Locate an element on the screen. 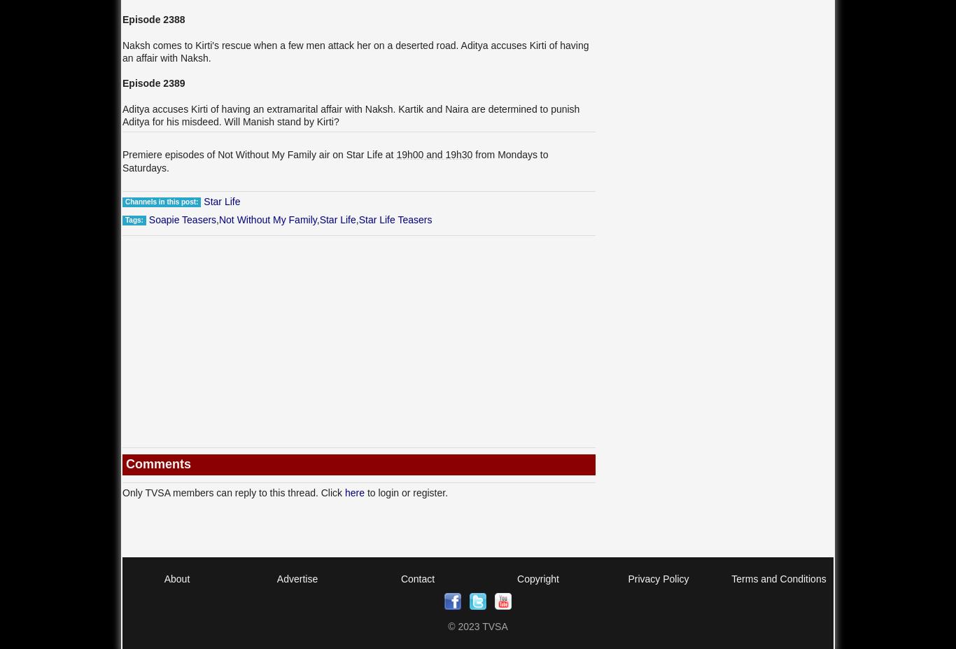 Image resolution: width=956 pixels, height=649 pixels. '© 2023 TVSA' is located at coordinates (477, 625).